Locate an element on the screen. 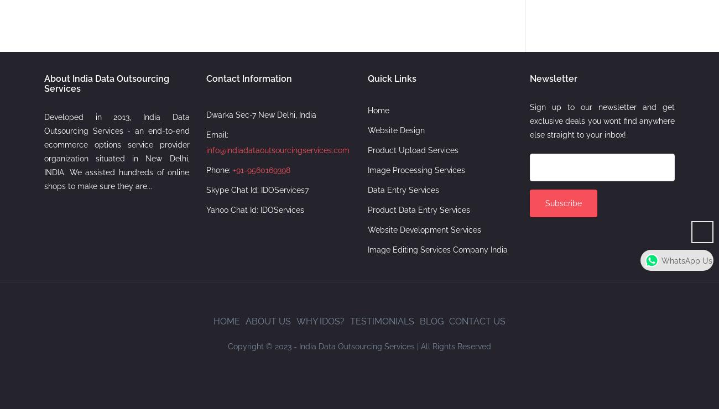 This screenshot has width=719, height=409. 'WhatsApp Us' is located at coordinates (686, 260).